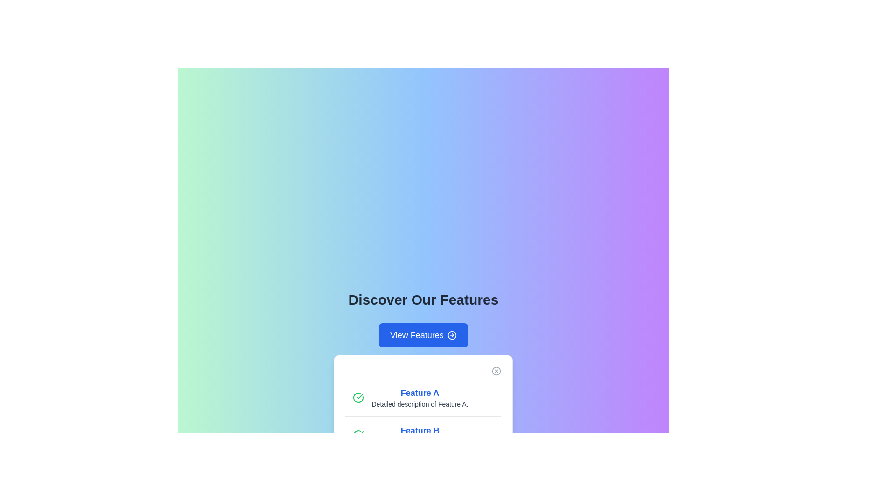 Image resolution: width=895 pixels, height=503 pixels. What do you see at coordinates (496, 371) in the screenshot?
I see `the close button located at the upper-right corner of the card to change its color` at bounding box center [496, 371].